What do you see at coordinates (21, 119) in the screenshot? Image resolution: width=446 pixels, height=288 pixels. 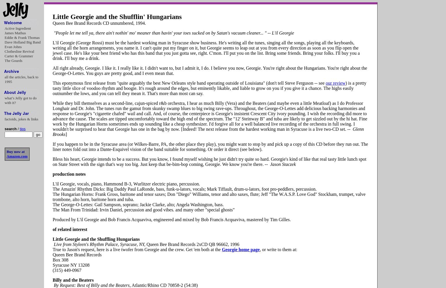 I see `'factoids, jokes & links'` at bounding box center [21, 119].